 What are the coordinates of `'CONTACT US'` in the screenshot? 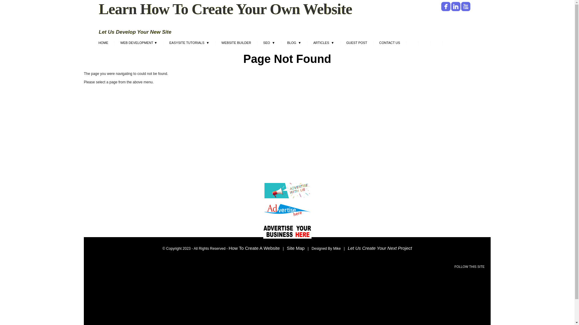 It's located at (373, 43).